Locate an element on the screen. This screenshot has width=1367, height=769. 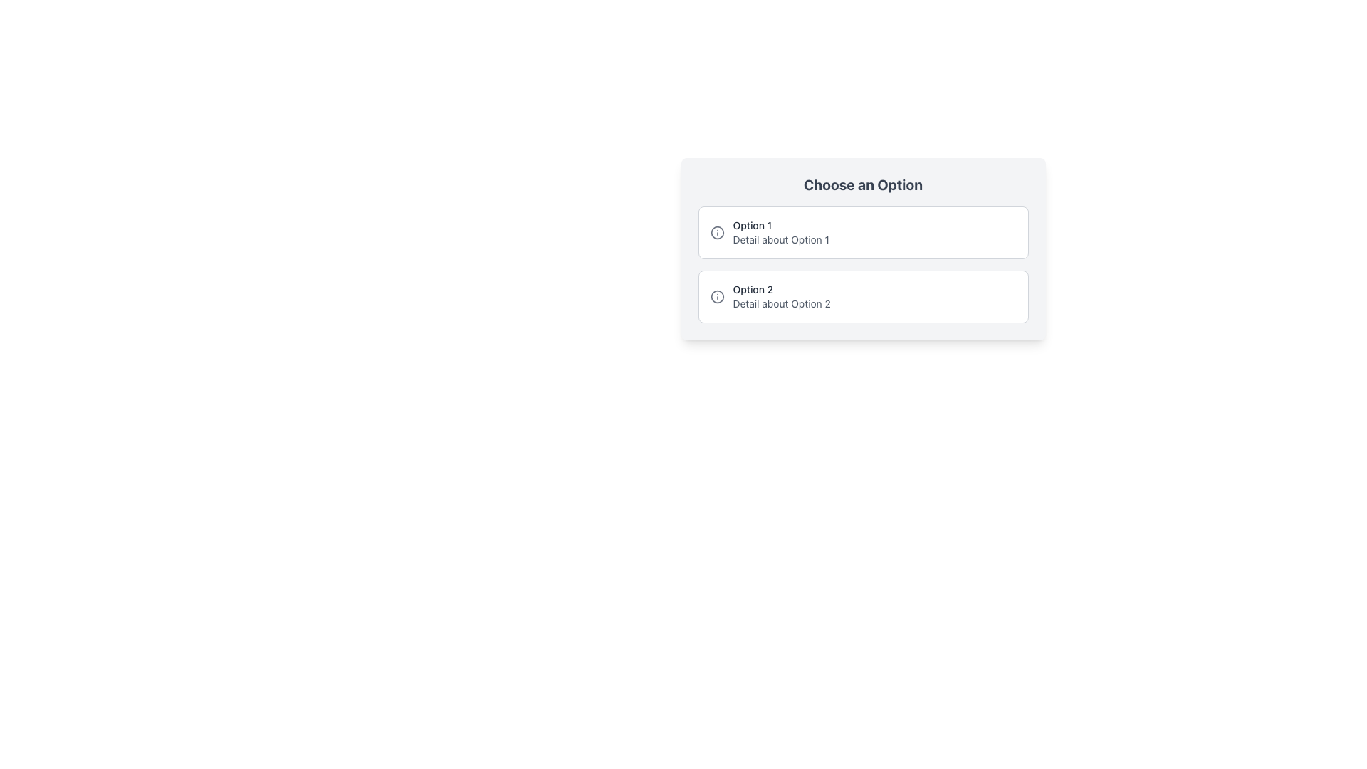
the circular shape within the SVG icon located in the second option labeled 'Choose an Option', which visually emphasizes 'Option 2' is located at coordinates (717, 295).